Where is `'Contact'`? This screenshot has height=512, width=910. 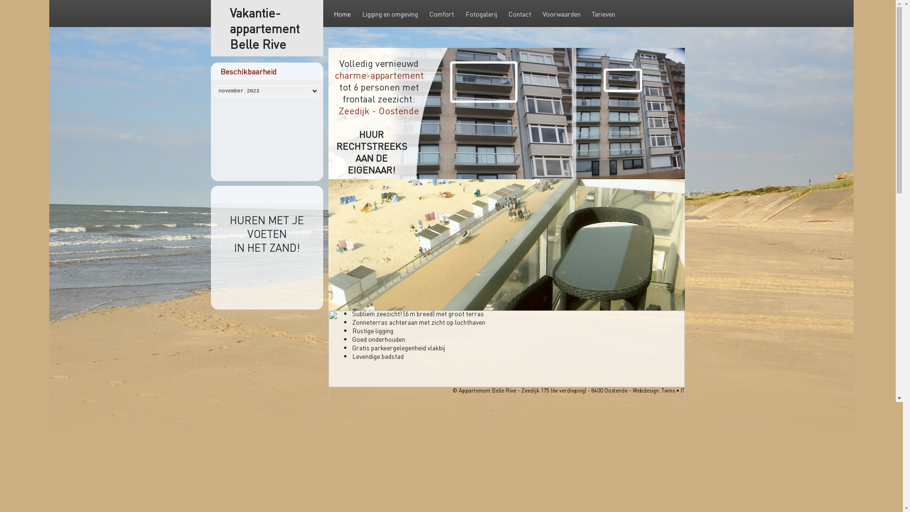
'Contact' is located at coordinates (519, 14).